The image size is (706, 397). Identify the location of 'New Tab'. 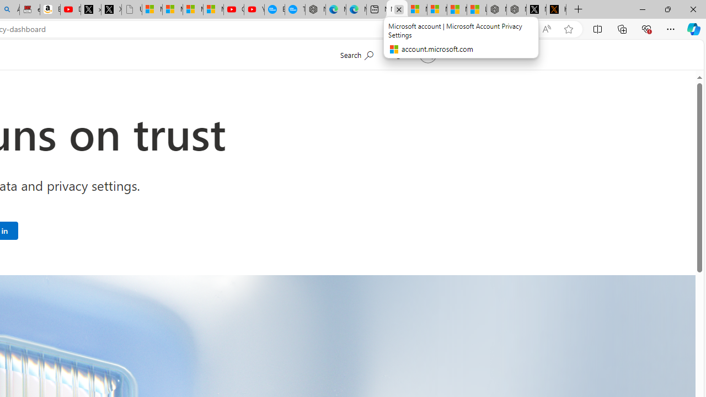
(577, 9).